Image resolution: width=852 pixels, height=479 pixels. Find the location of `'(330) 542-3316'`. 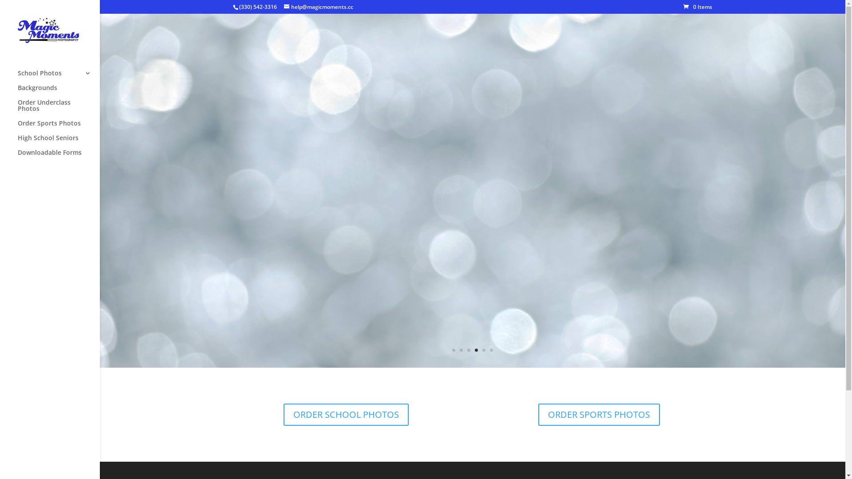

'(330) 542-3316' is located at coordinates (257, 7).